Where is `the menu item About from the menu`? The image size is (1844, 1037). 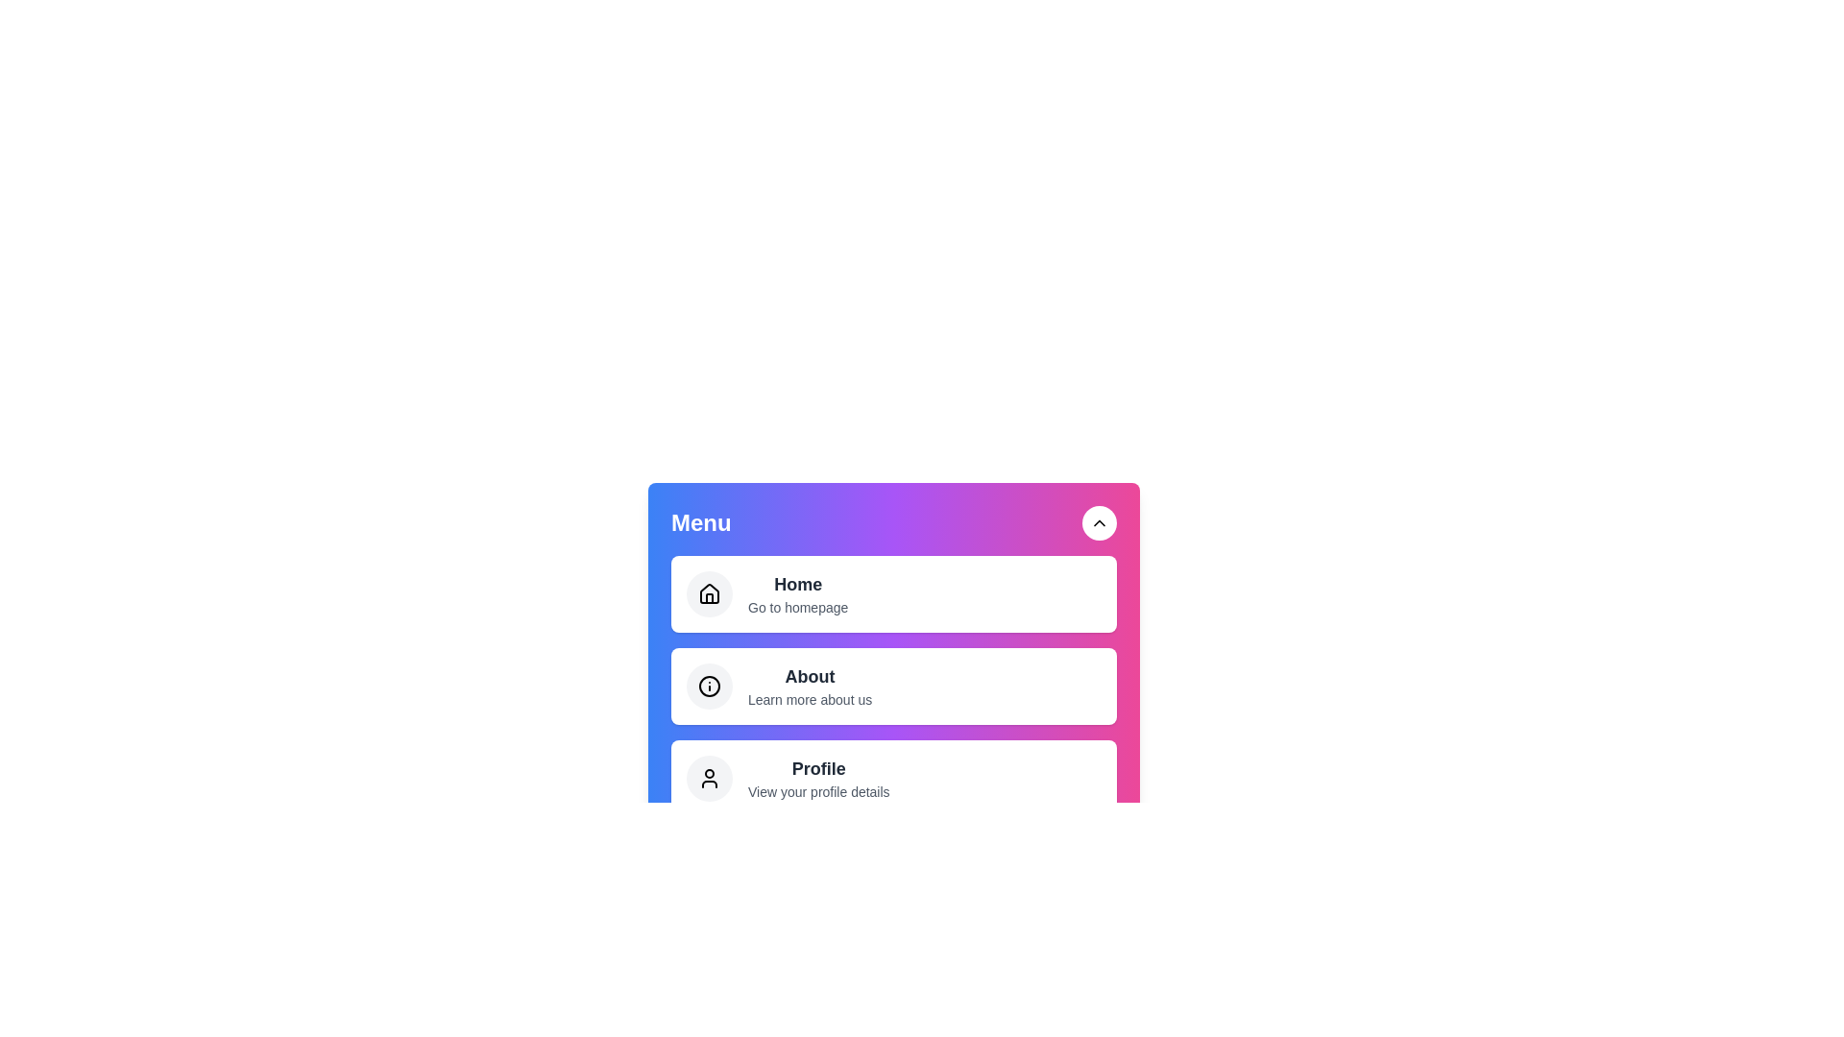 the menu item About from the menu is located at coordinates (893, 685).